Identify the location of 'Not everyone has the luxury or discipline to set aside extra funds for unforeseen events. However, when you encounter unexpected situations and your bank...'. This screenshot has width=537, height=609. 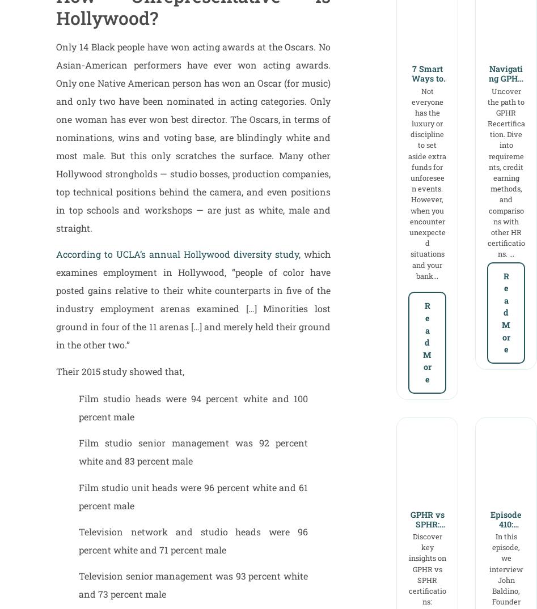
(426, 182).